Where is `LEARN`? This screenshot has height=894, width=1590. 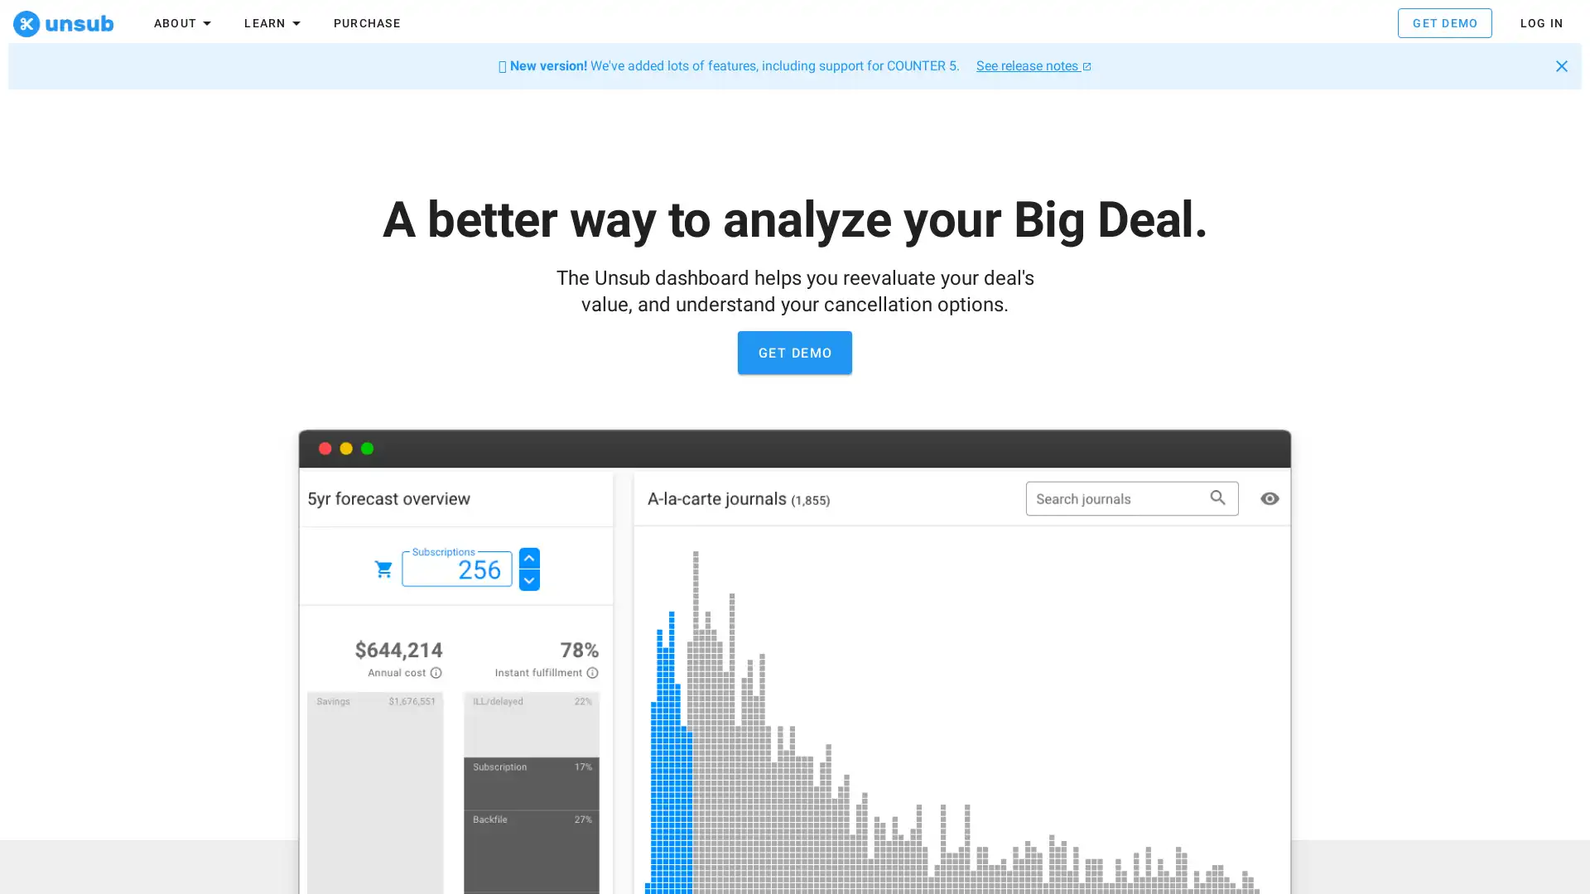 LEARN is located at coordinates (274, 26).